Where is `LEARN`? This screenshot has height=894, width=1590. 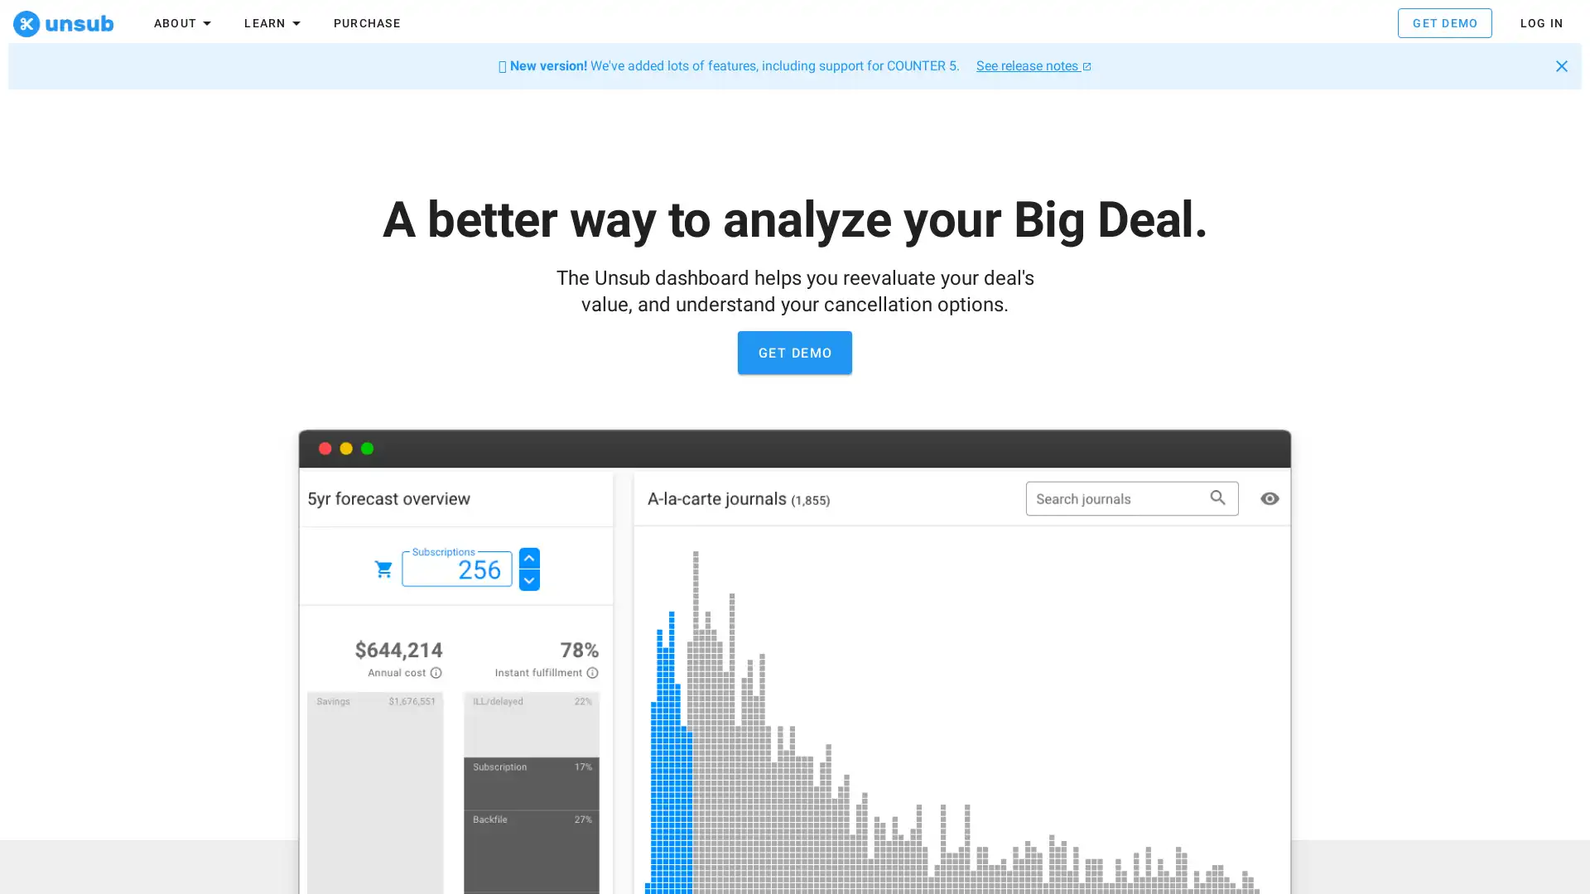 LEARN is located at coordinates (274, 26).